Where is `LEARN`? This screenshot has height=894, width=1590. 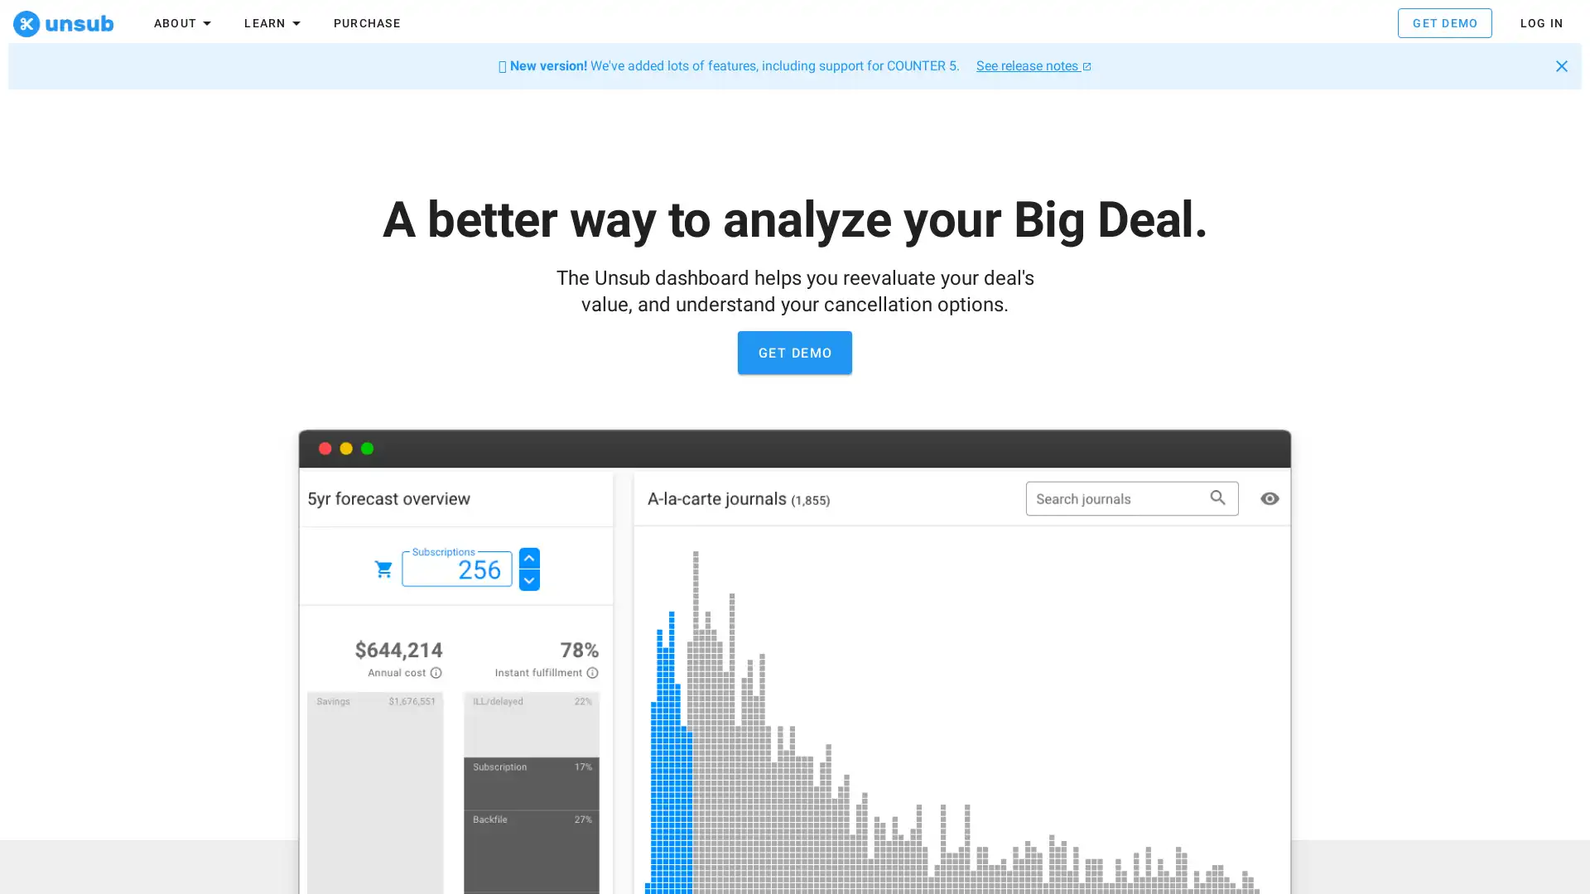 LEARN is located at coordinates (274, 26).